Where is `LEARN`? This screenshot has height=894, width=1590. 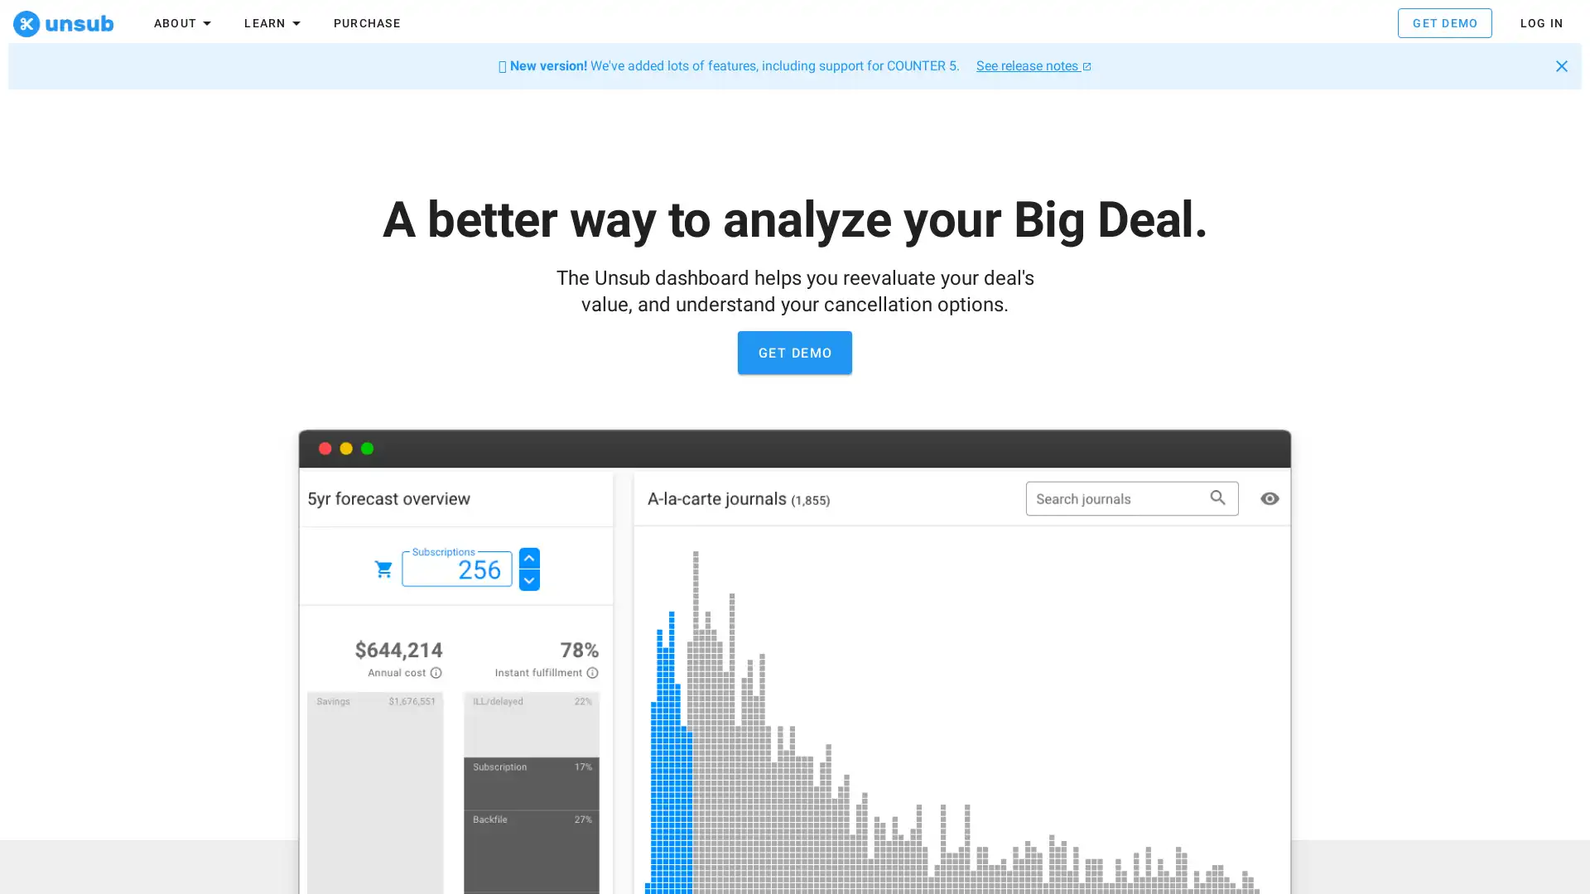 LEARN is located at coordinates (274, 26).